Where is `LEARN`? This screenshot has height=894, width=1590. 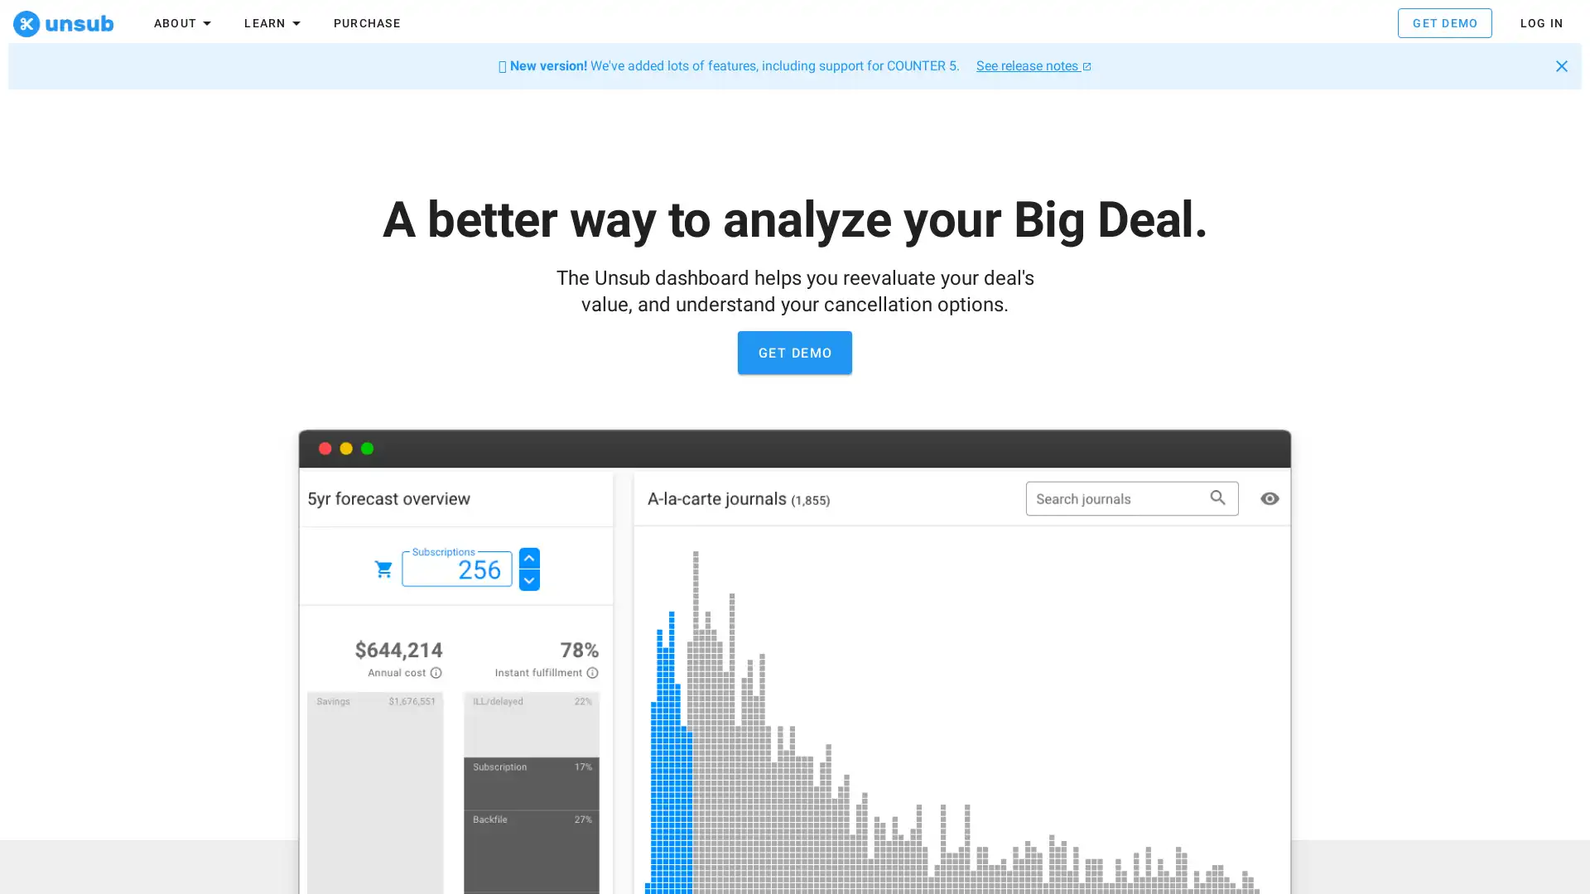 LEARN is located at coordinates (274, 26).